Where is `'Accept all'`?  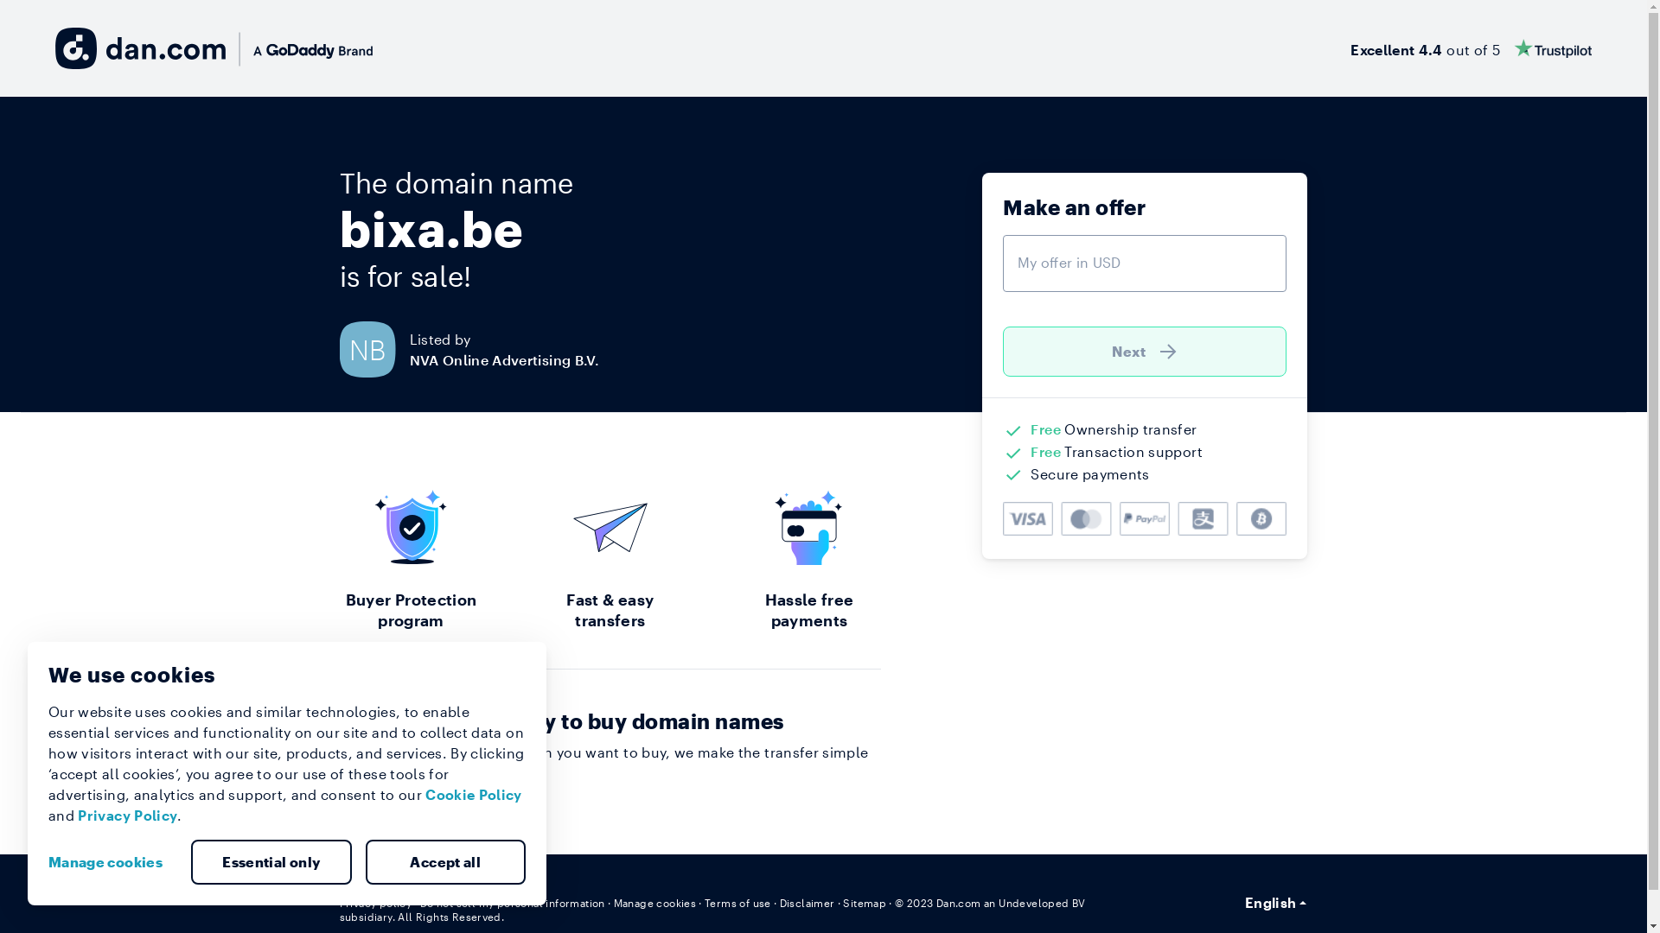 'Accept all' is located at coordinates (364, 862).